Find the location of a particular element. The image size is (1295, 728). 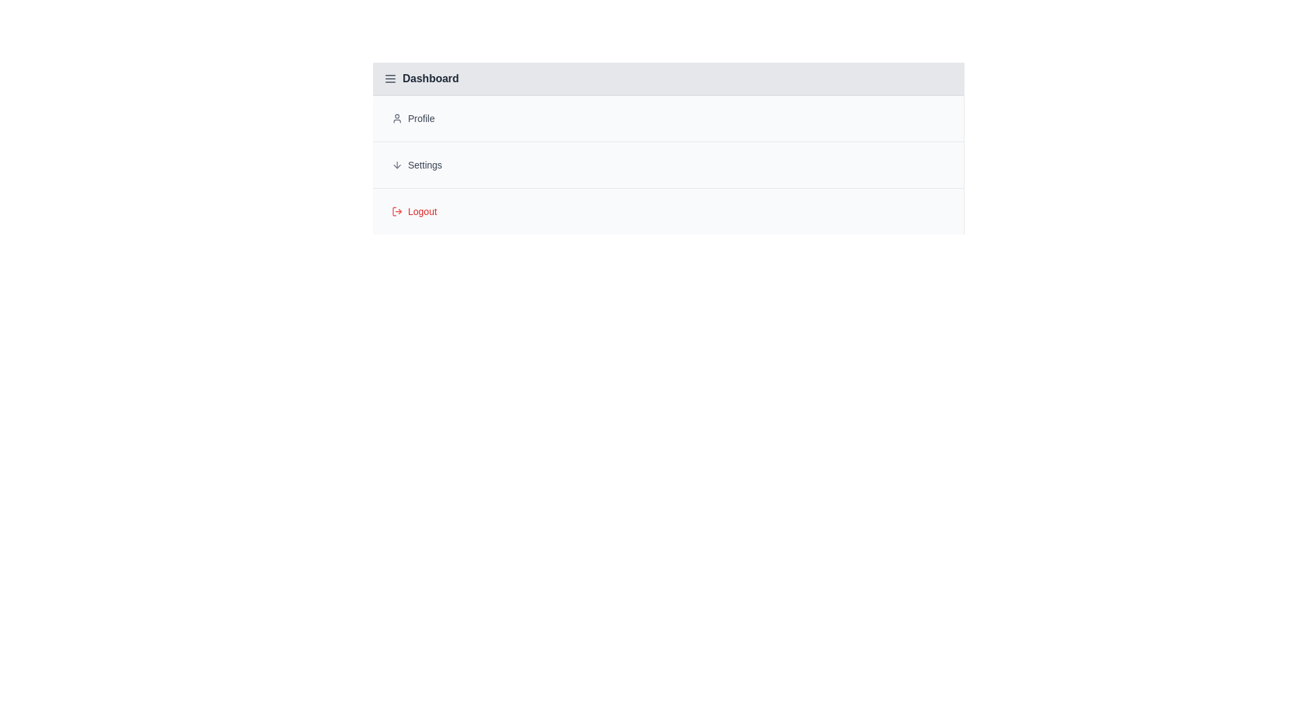

the menu item Logout to interact with it is located at coordinates (668, 211).